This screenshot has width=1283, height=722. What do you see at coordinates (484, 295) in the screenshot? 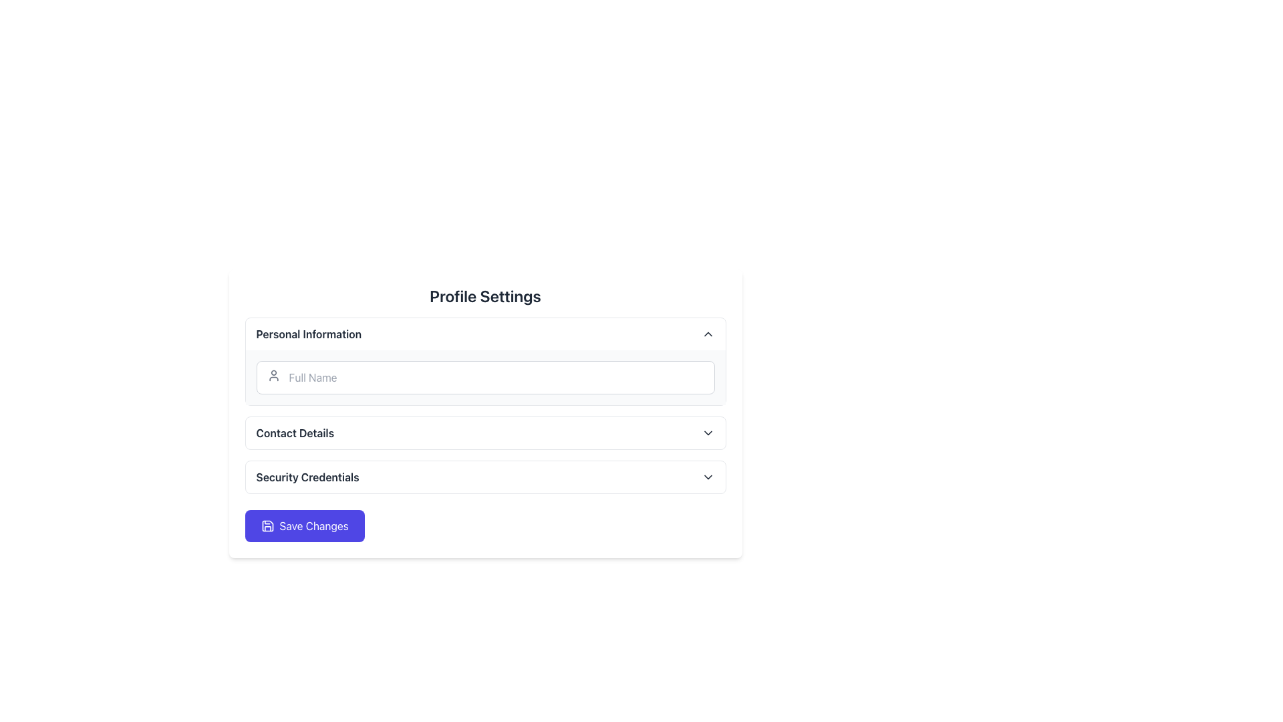
I see `text from the header label indicating user profile settings, which is positioned above the sections for Personal Information, Contact Details, and Security Credentials` at bounding box center [484, 295].